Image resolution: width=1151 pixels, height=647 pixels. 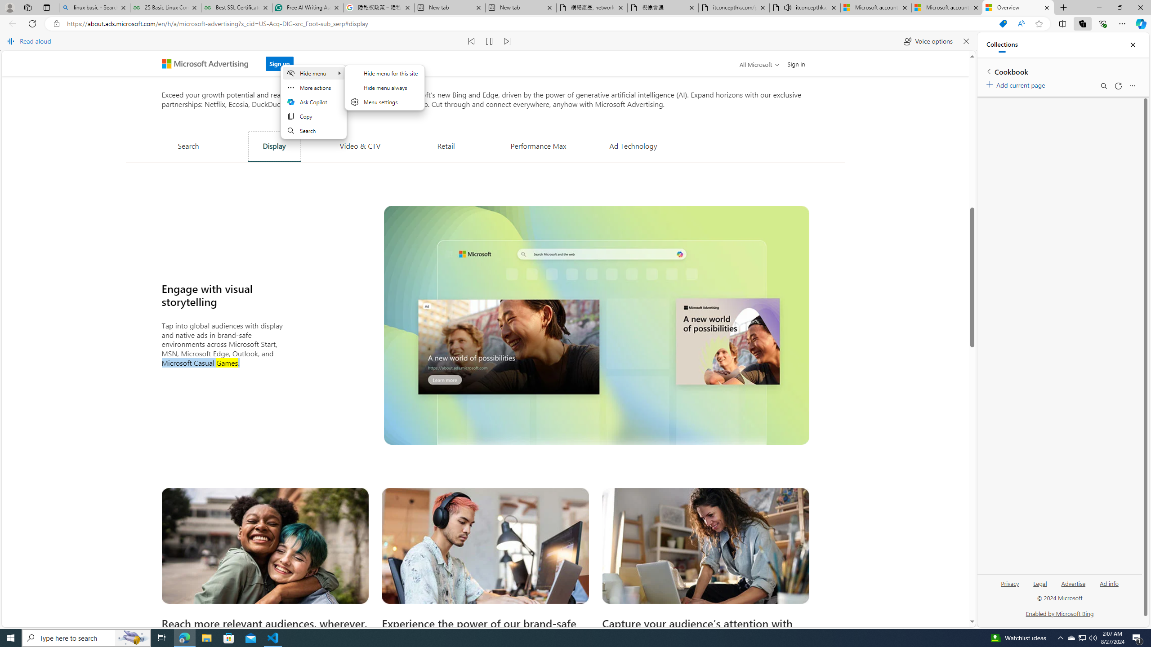 What do you see at coordinates (489, 41) in the screenshot?
I see `'Pause read aloud (Ctrl+Shift+U)'` at bounding box center [489, 41].